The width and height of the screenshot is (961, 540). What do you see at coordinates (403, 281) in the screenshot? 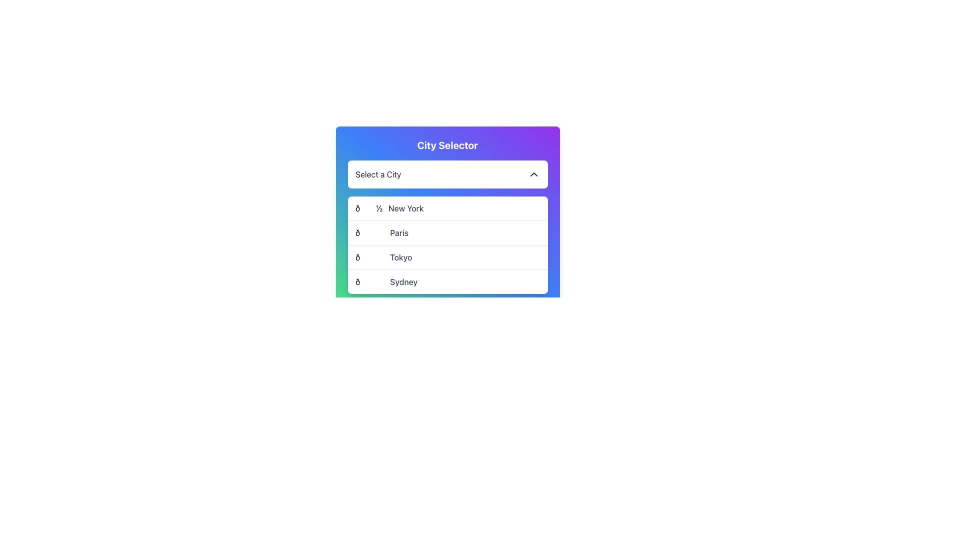
I see `the text label 'Sydney' in the City Selector dropdown menu` at bounding box center [403, 281].